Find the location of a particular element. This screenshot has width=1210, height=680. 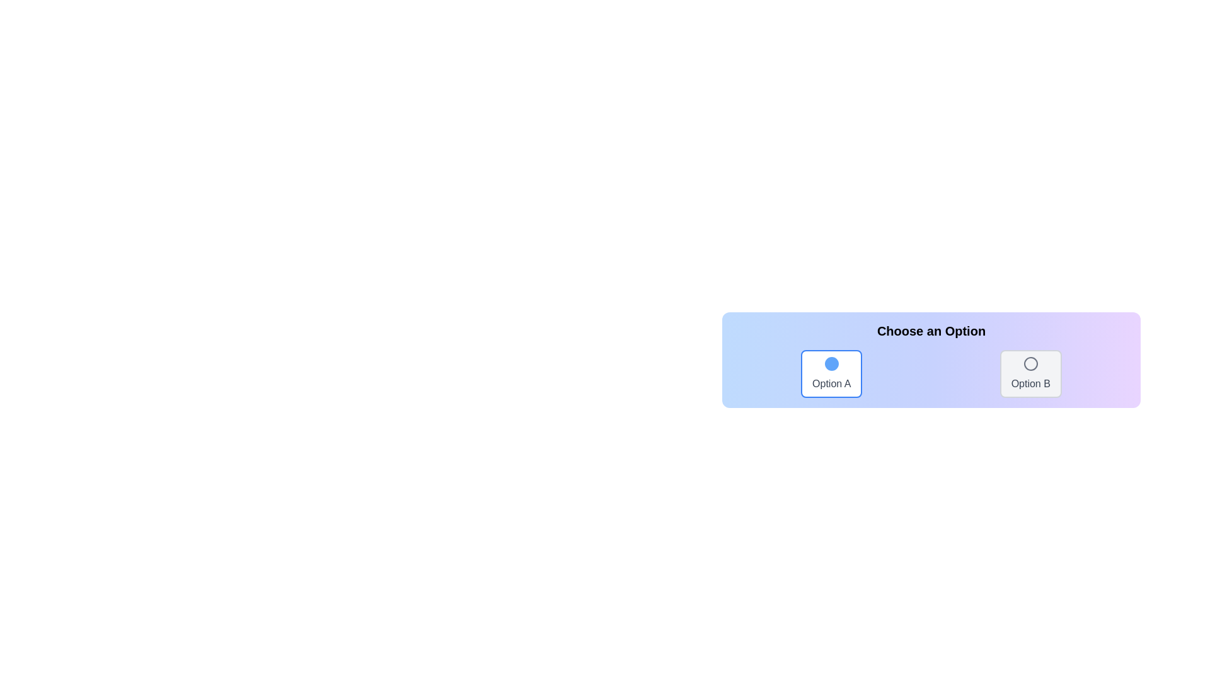

the selectable option labeled 'Option B' is located at coordinates (1030, 373).